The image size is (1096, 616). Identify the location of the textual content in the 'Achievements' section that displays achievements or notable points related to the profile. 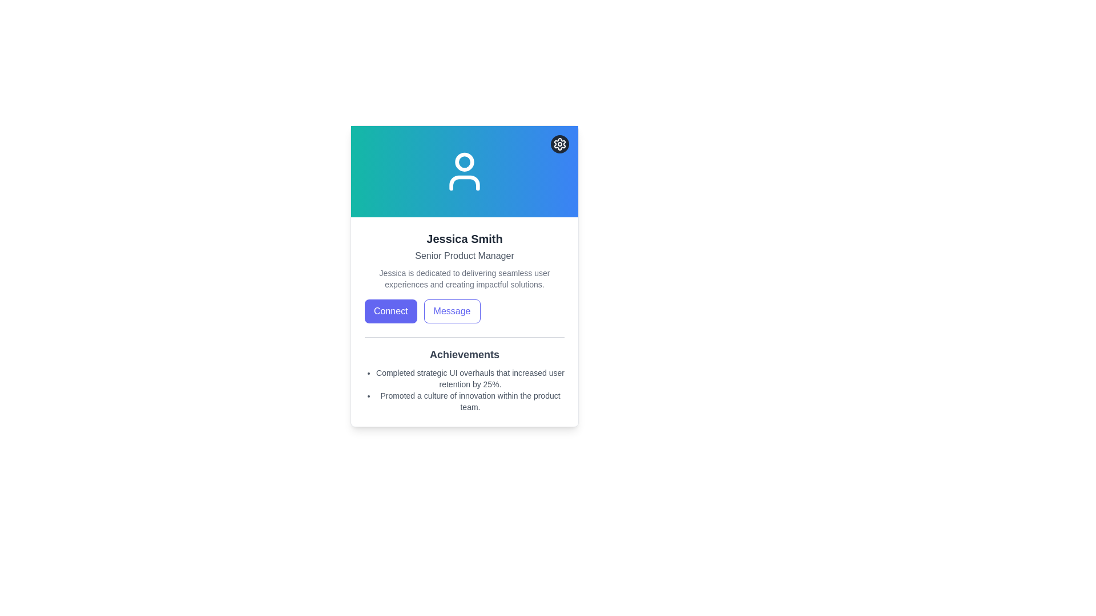
(465, 389).